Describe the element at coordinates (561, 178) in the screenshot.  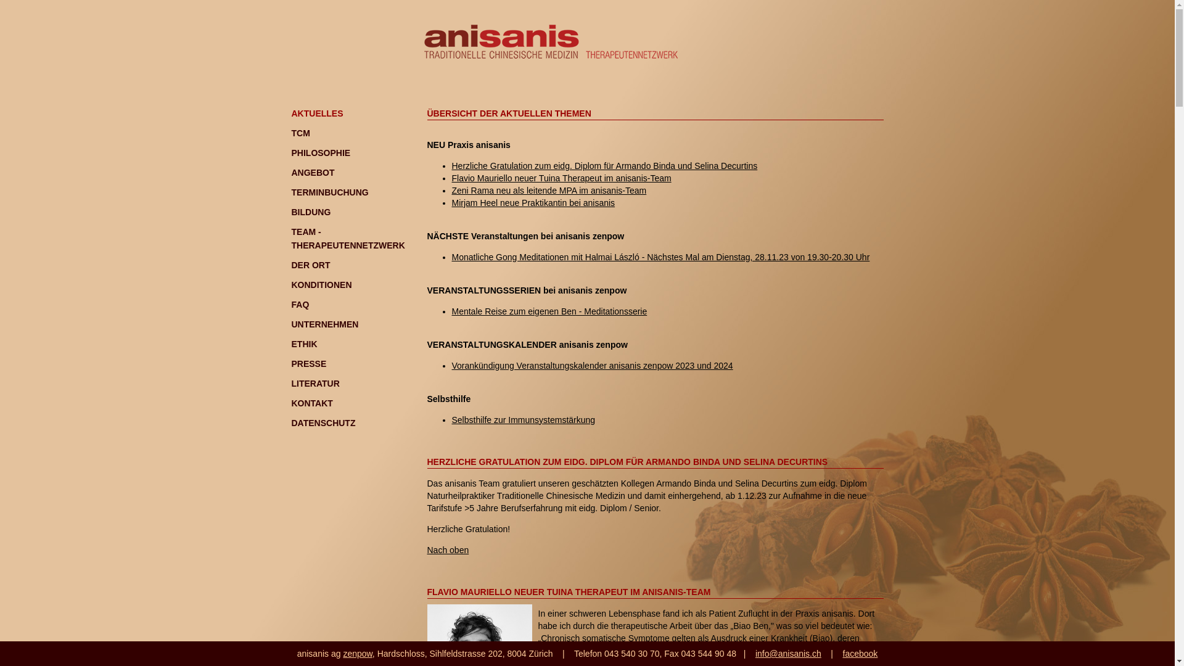
I see `'Flavio Mauriello neuer Tuina Therapeut im anisanis-Team'` at that location.